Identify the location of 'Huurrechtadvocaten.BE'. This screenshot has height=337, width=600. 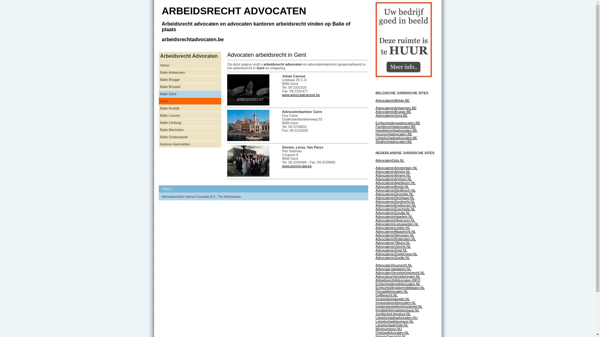
(375, 134).